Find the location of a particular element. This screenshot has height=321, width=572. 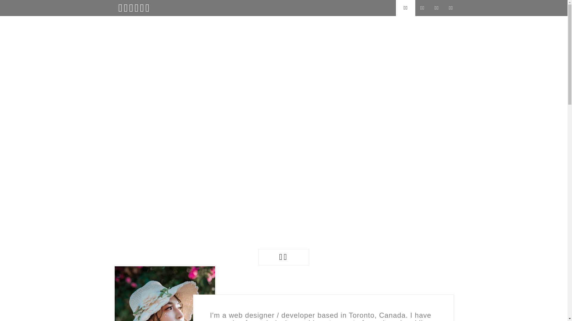

'gt' is located at coordinates (122, 292).